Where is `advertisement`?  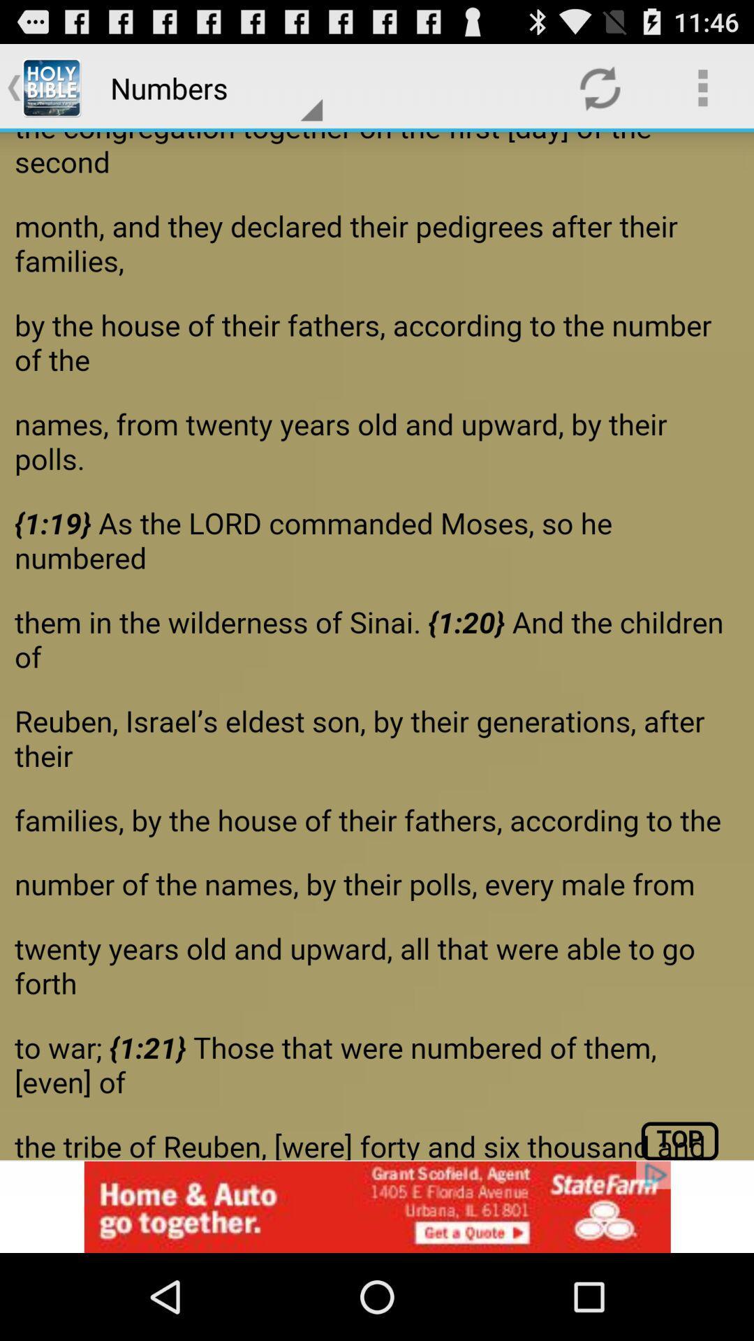
advertisement is located at coordinates (377, 1206).